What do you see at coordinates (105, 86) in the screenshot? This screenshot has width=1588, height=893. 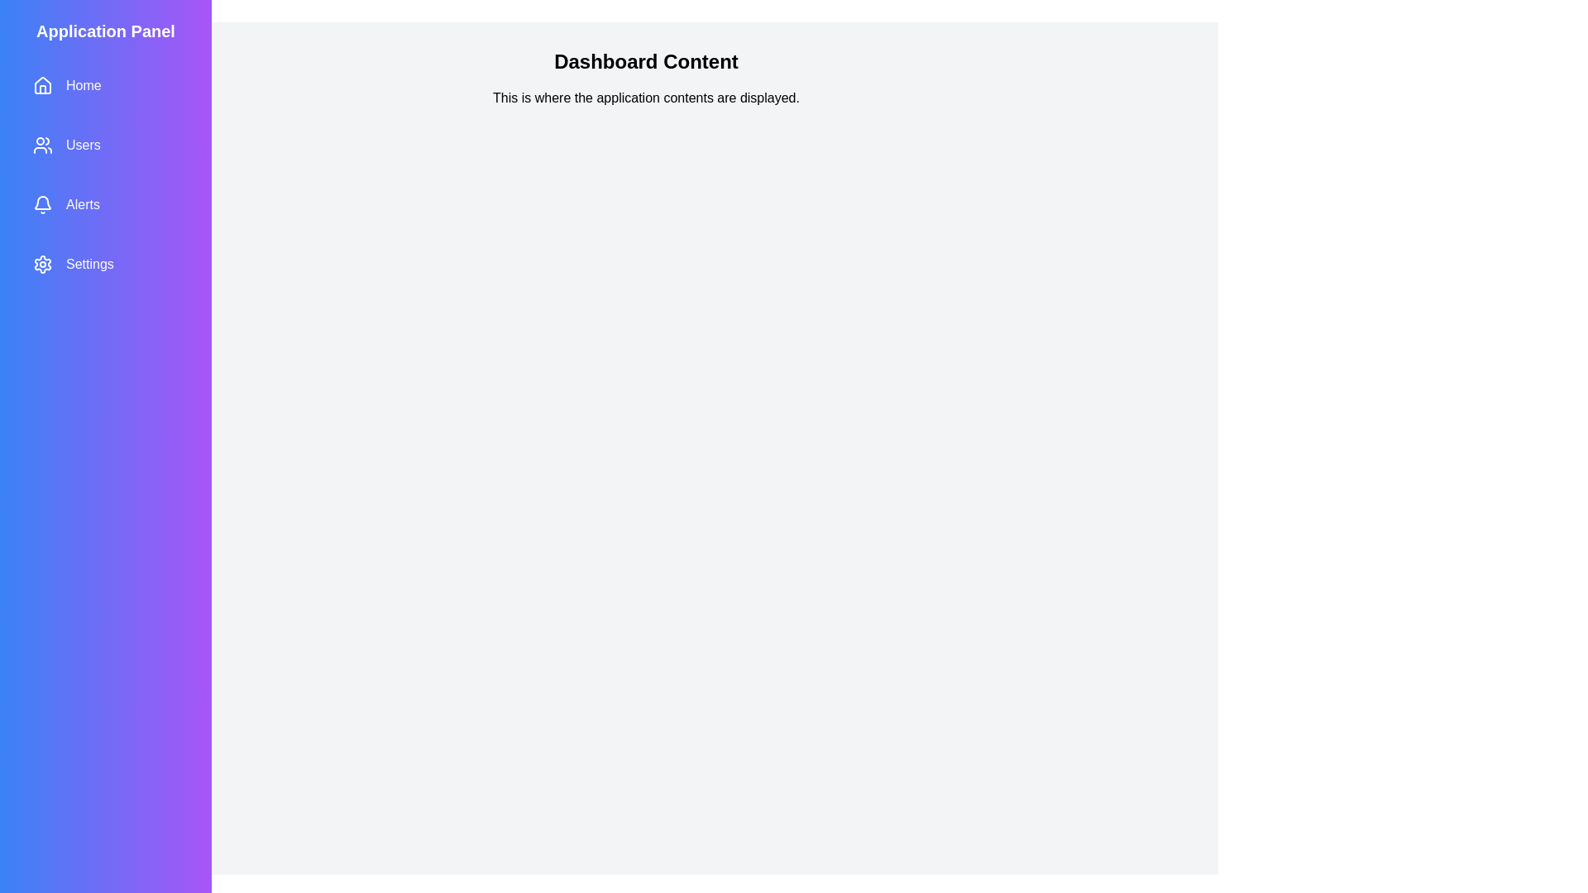 I see `the navigation item Home from the sidebar` at bounding box center [105, 86].